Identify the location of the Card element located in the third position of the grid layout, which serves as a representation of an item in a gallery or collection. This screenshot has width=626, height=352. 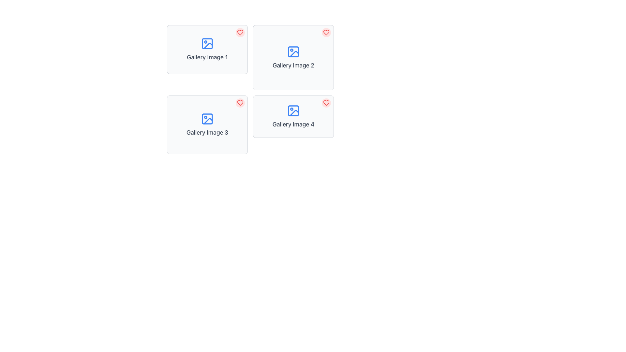
(207, 125).